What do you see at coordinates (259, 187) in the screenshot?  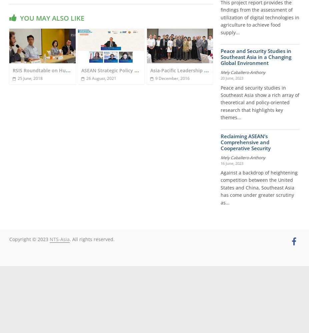 I see `'Against a backdrop of heightening competition between the United States and China, Southeast Asia has come under greater scrutiny as...'` at bounding box center [259, 187].